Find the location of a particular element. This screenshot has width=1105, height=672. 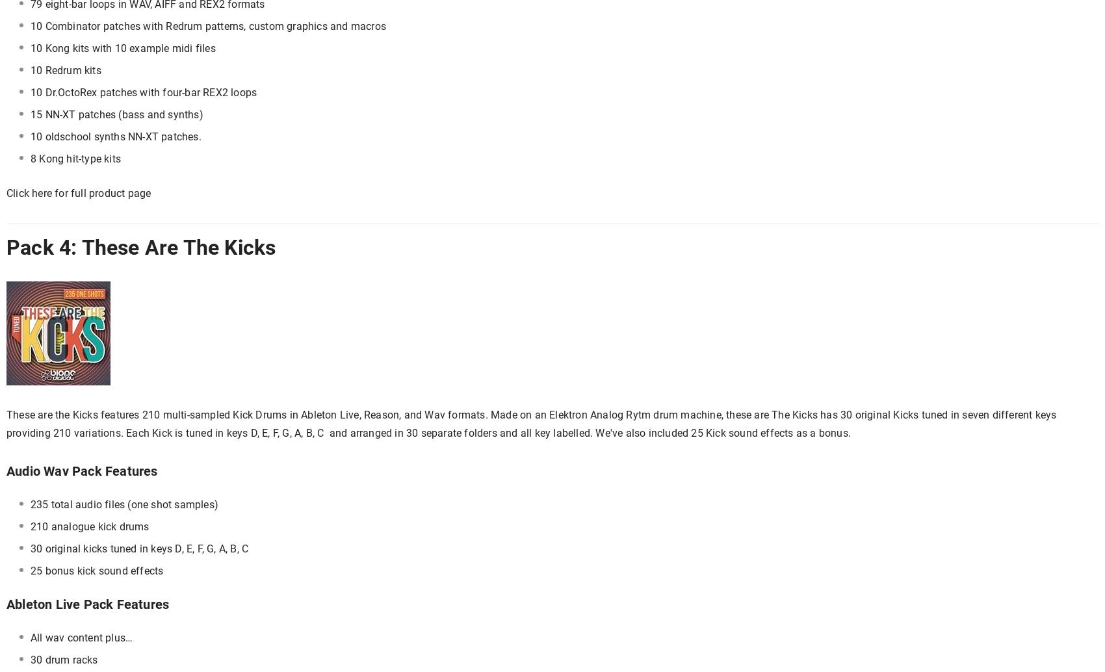

'10 Combinator patches with Redrum patterns, custom graphics and macros' is located at coordinates (30, 26).